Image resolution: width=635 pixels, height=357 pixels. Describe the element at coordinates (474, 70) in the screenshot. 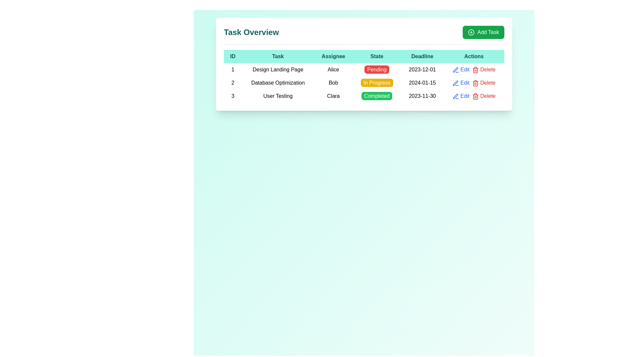

I see `the interactive text links with icons in the 'Actions' column of the first row of the table` at that location.